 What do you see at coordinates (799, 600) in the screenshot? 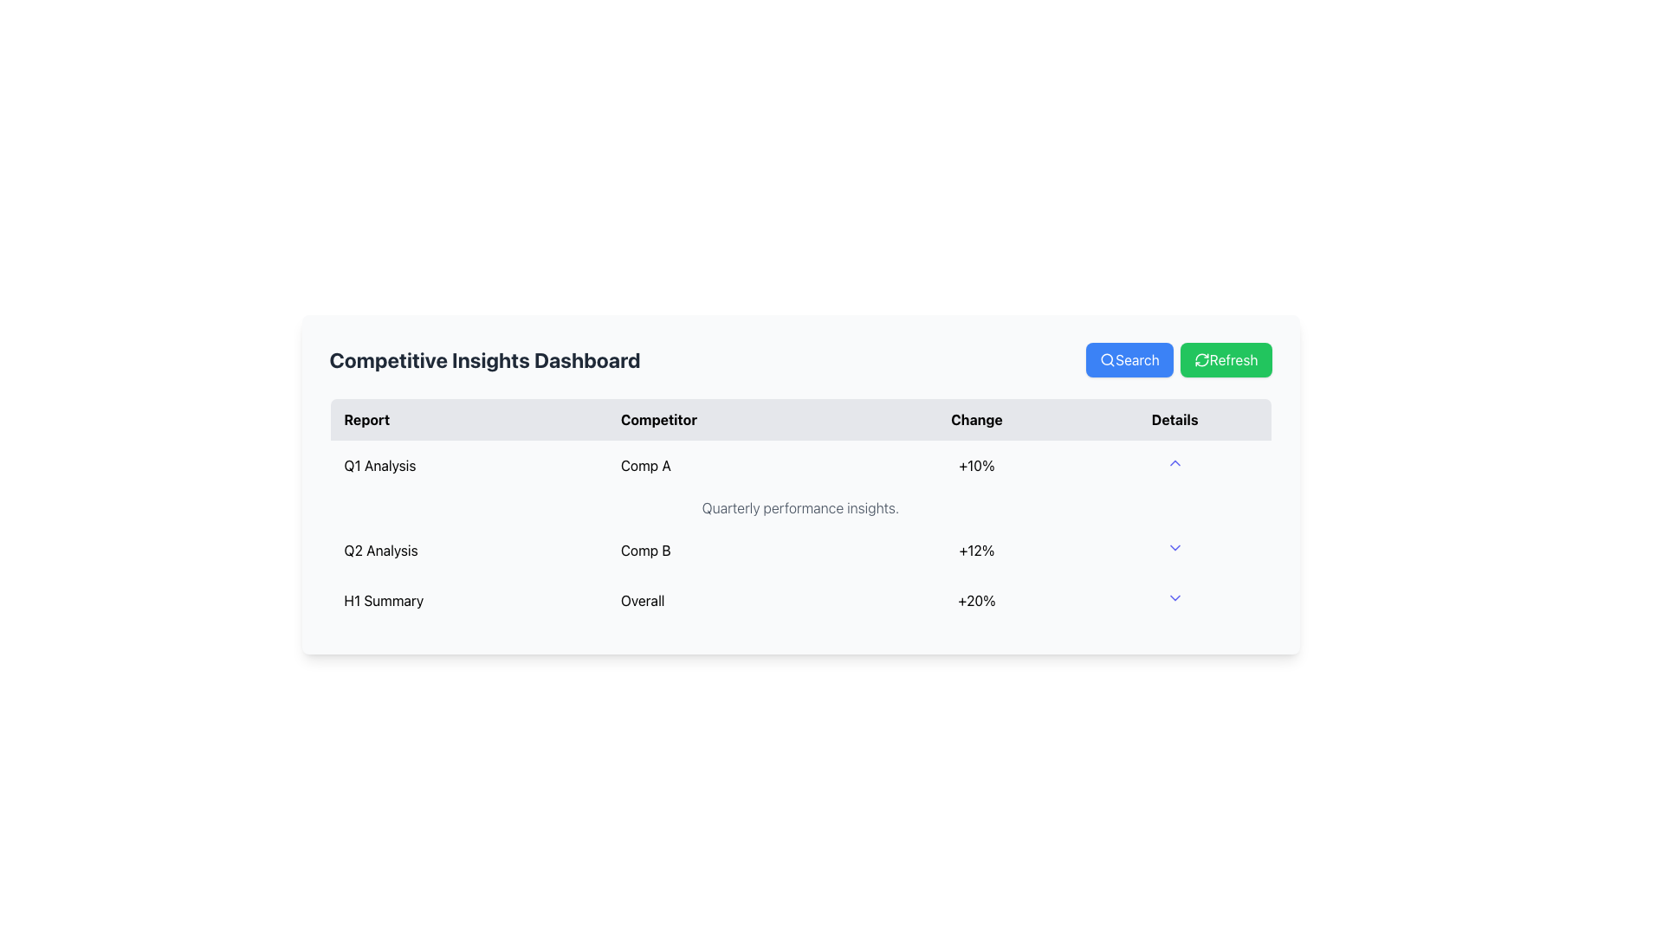
I see `the third row of the table that summarizes data for the first half (H1) of a reporting period, located under the columns 'Report,' 'Competitor,' and 'Change.'` at bounding box center [799, 600].